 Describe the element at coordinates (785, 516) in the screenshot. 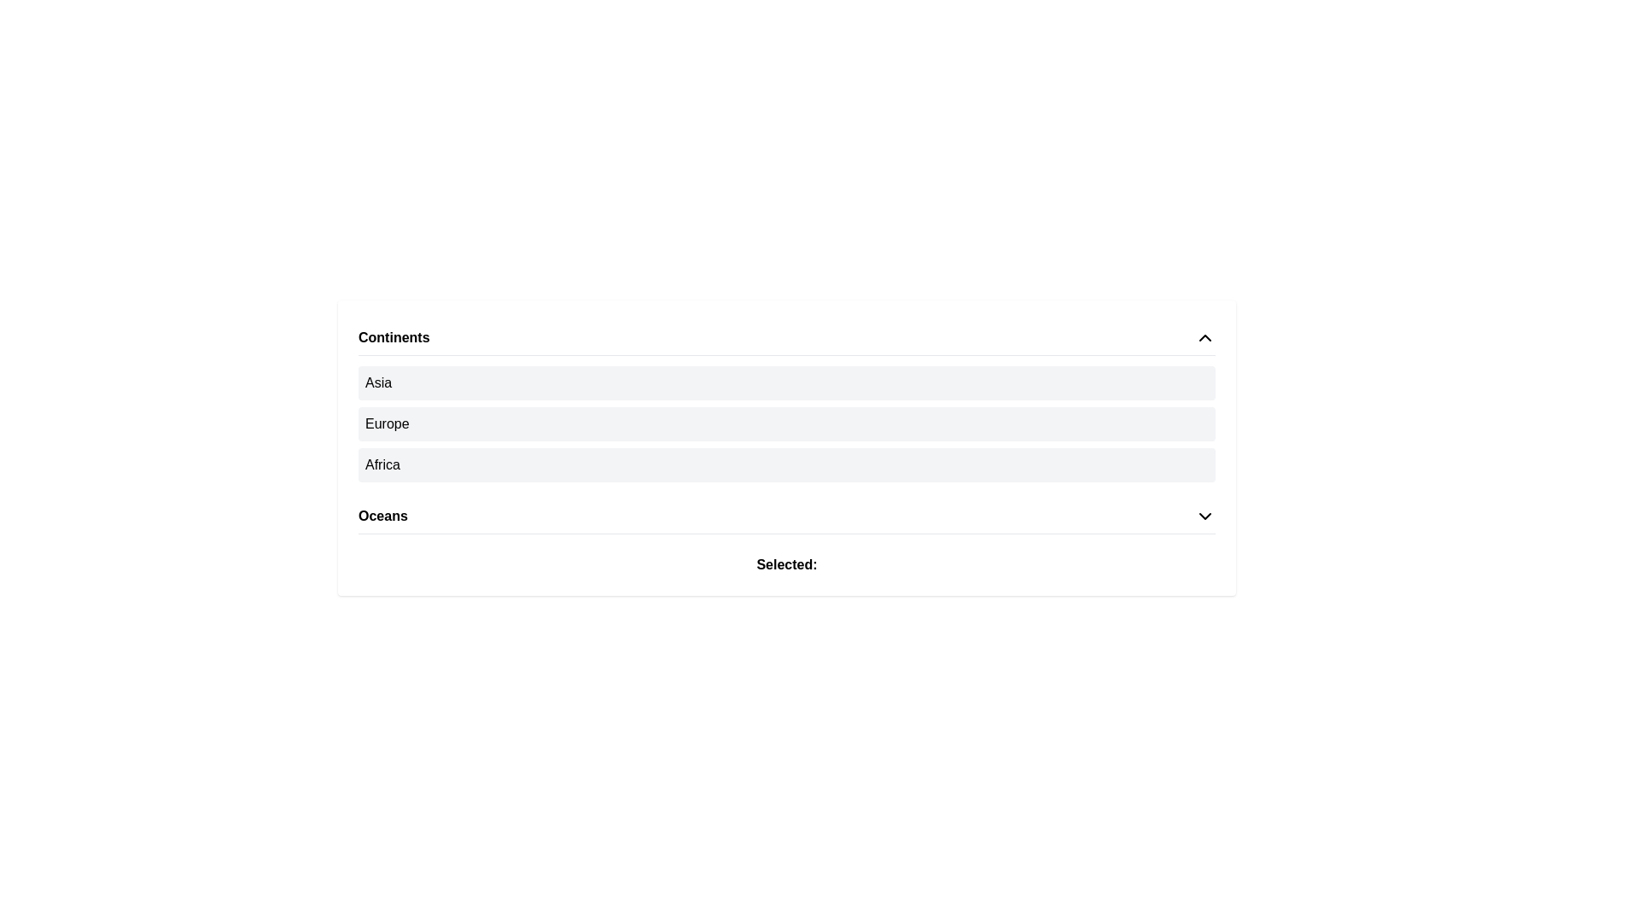

I see `the dropdown trigger for the list item labeled 'Oceans'` at that location.